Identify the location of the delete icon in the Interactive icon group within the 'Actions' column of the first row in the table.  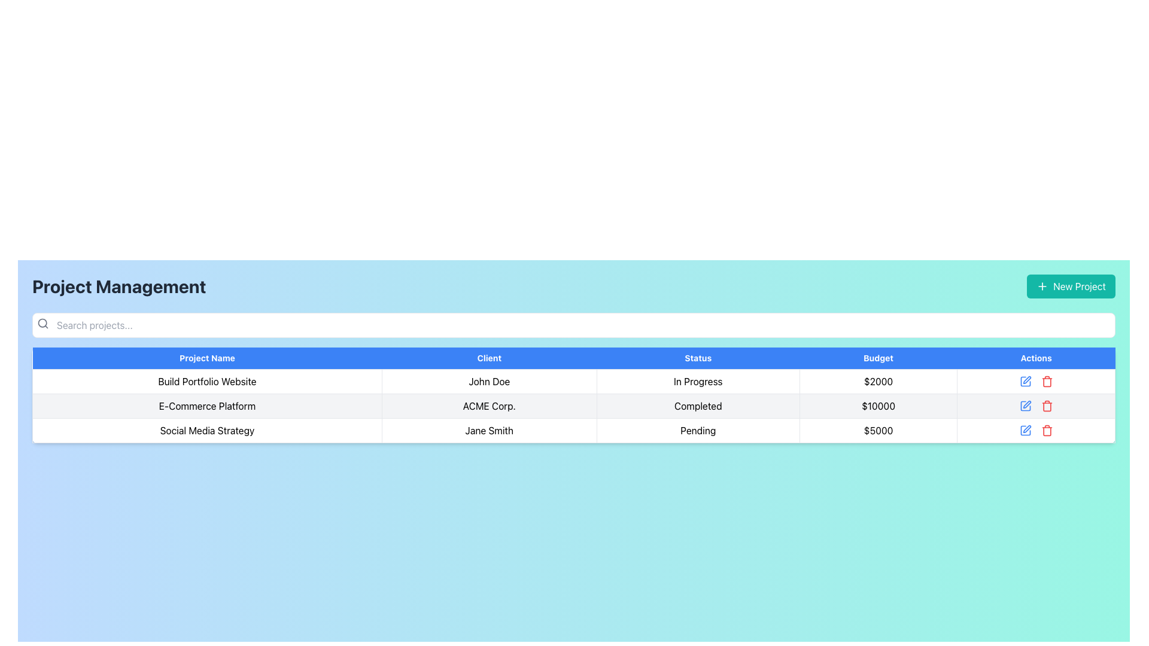
(1035, 381).